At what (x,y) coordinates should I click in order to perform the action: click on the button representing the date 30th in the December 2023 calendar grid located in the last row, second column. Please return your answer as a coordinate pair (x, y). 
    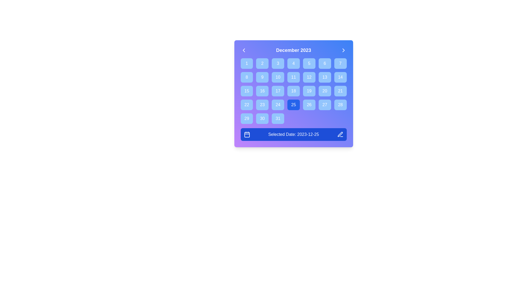
    Looking at the image, I should click on (262, 118).